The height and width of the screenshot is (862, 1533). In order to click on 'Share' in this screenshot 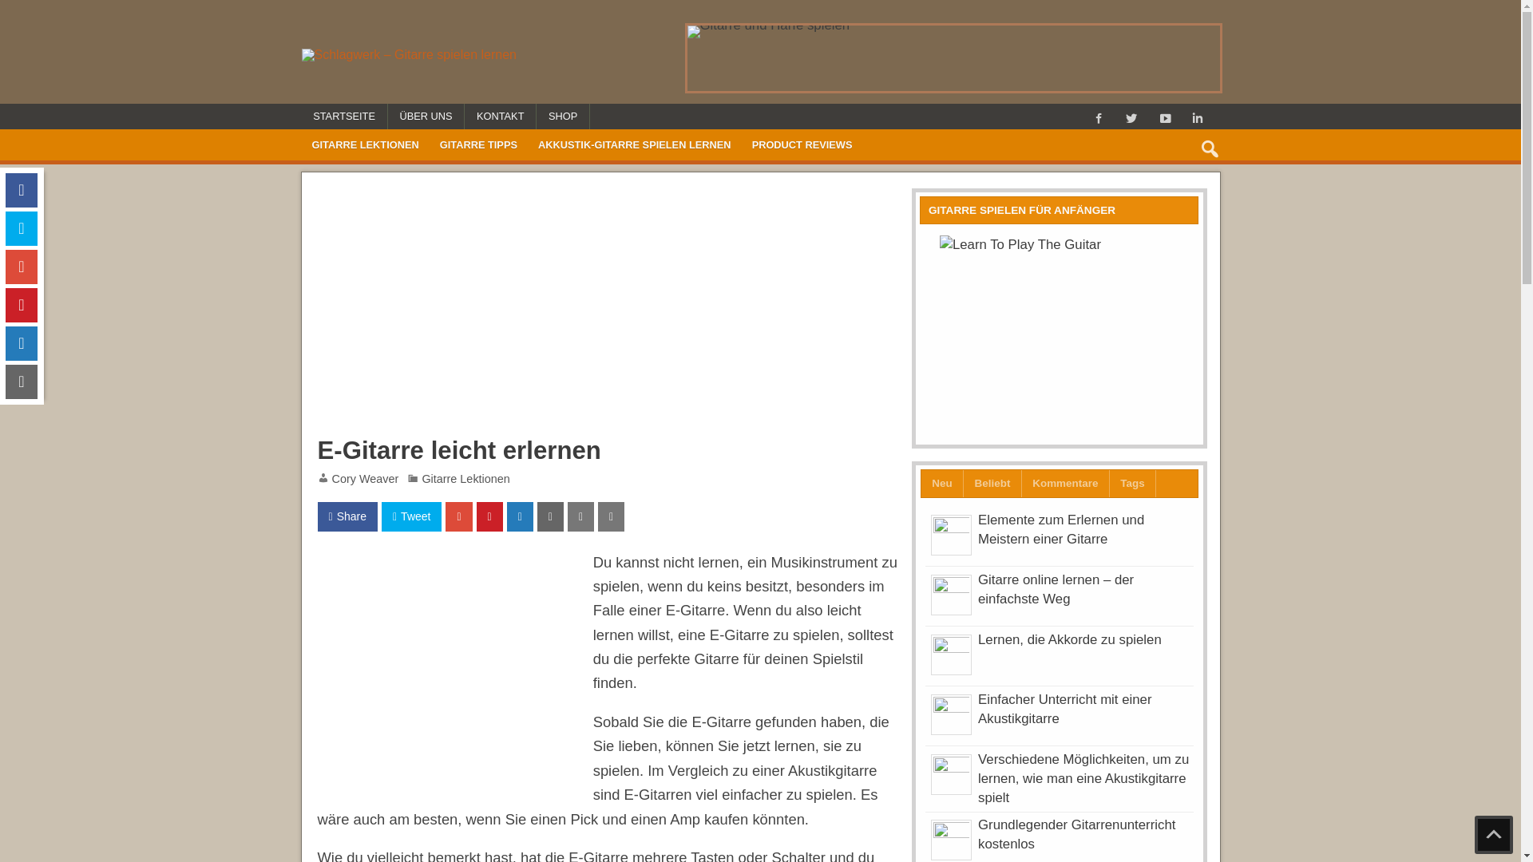, I will do `click(318, 516)`.